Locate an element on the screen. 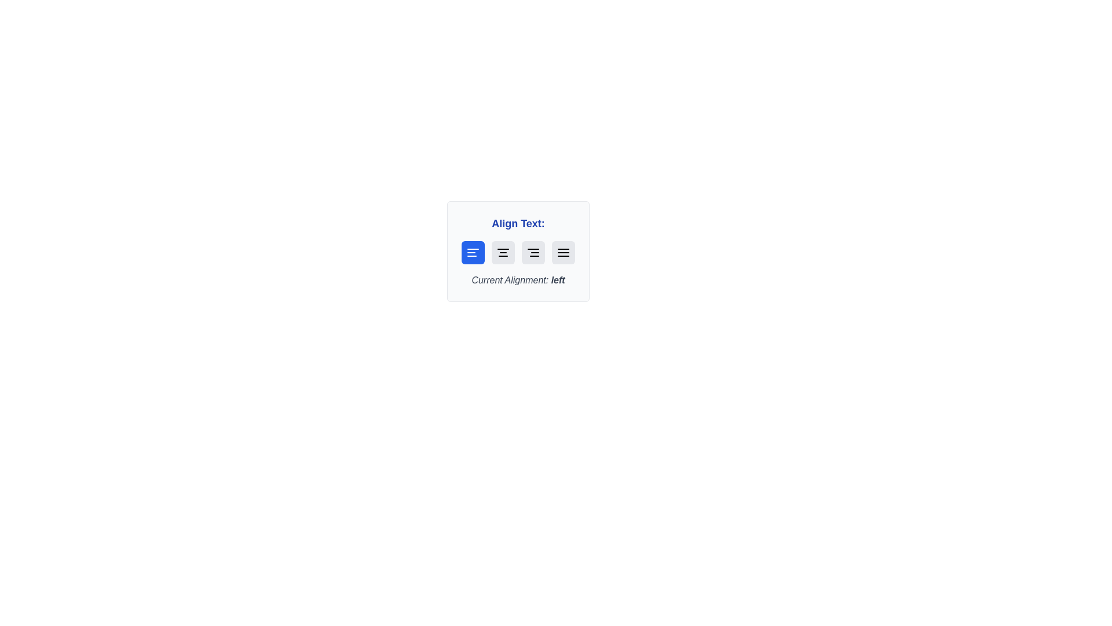  button corresponding to the desired text alignment: left is located at coordinates (473, 252).